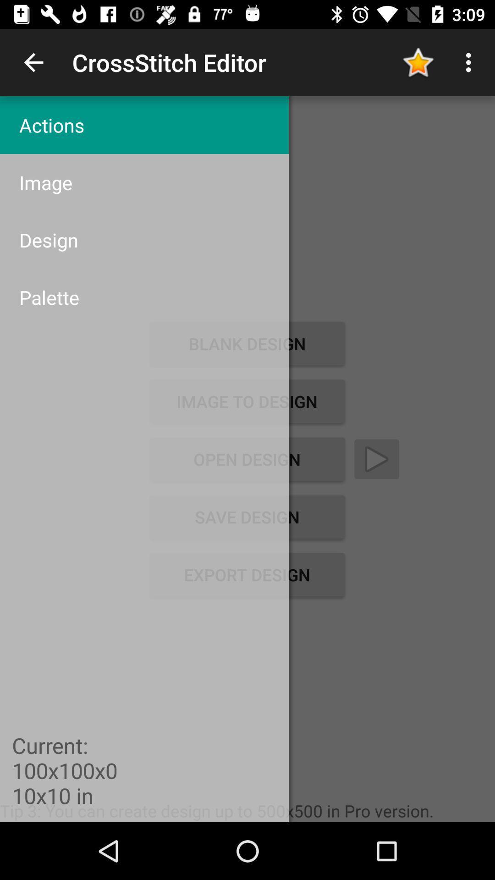 This screenshot has height=880, width=495. I want to click on the icon above the tip 3 you, so click(247, 574).